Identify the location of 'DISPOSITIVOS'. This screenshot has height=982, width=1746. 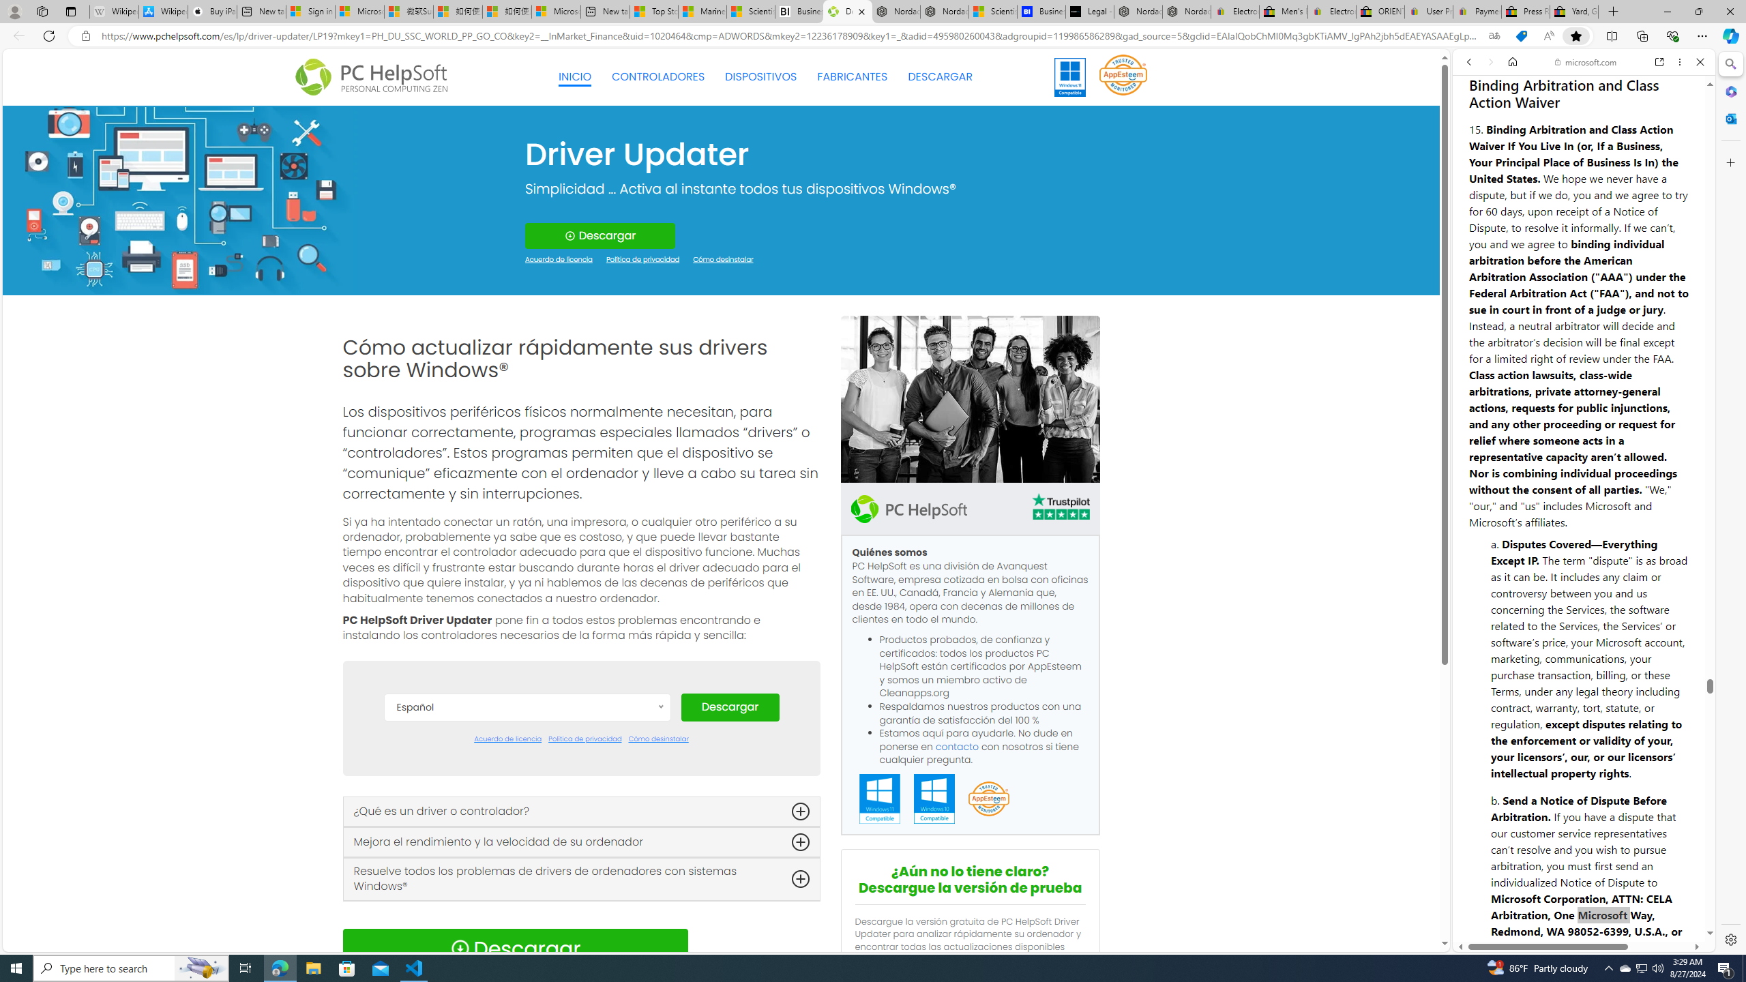
(761, 76).